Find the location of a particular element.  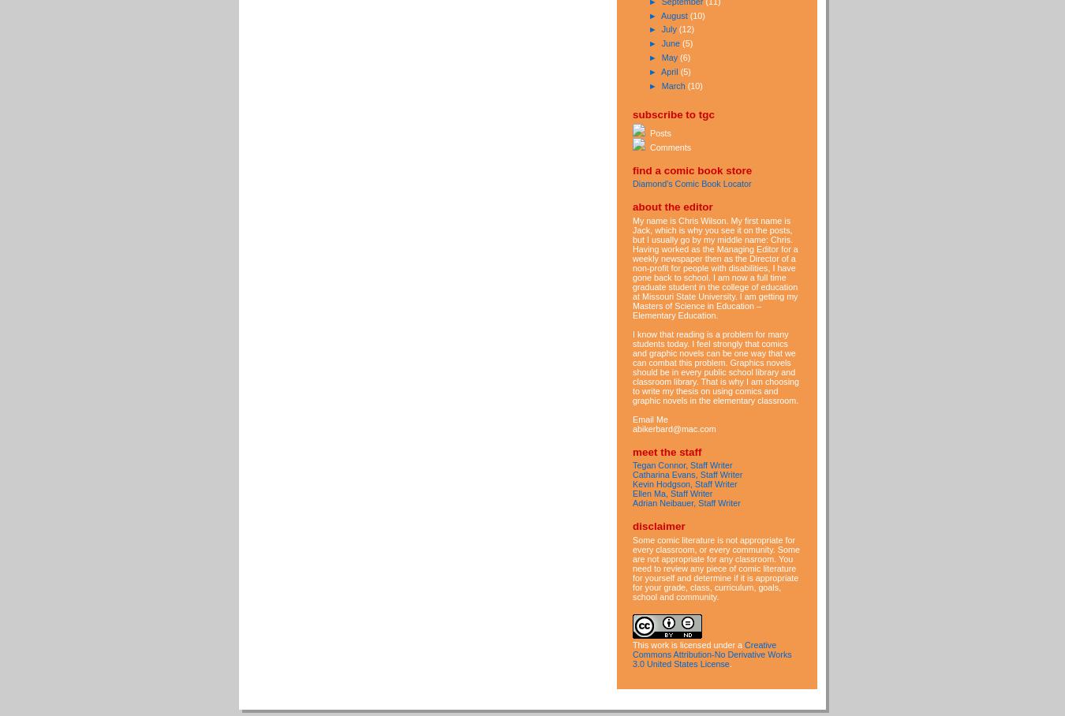

'Adrian Neibauer, Staff Writer' is located at coordinates (686, 502).